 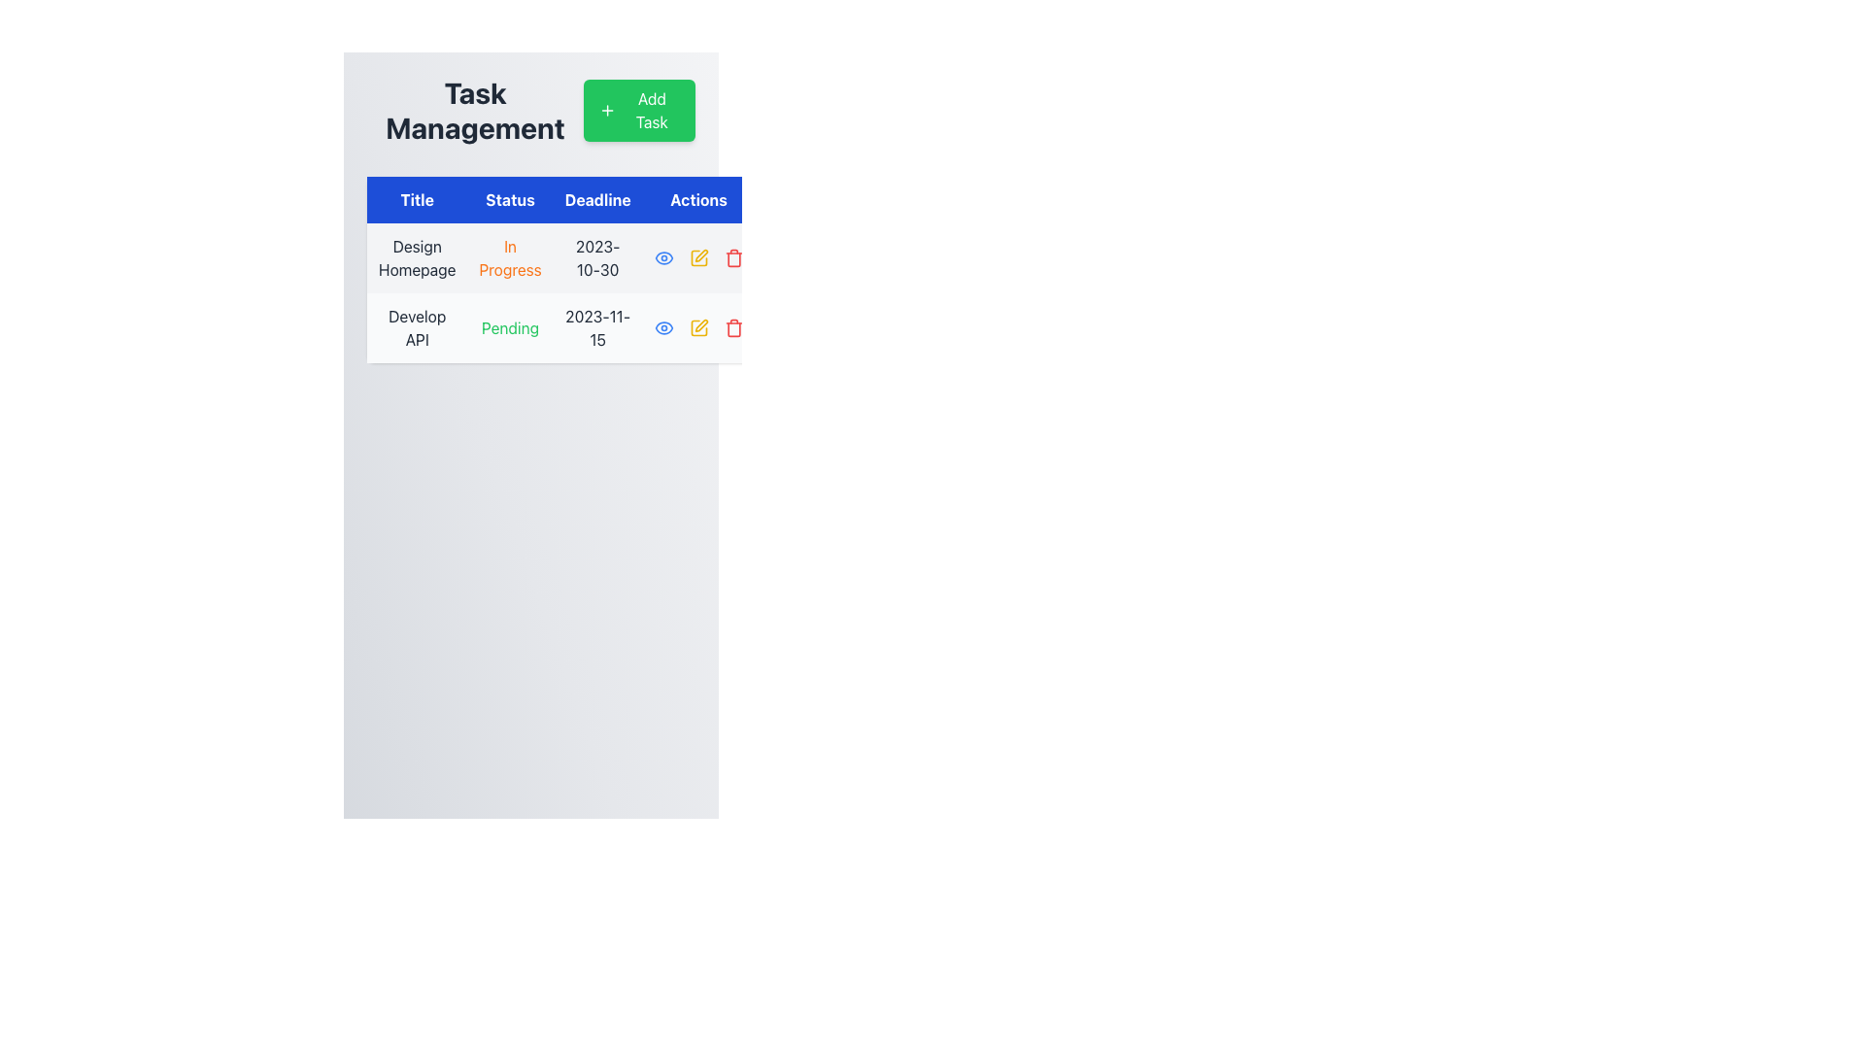 What do you see at coordinates (663, 257) in the screenshot?
I see `the blue eye-shaped icon located in the 'Actions' column of the second row of the table` at bounding box center [663, 257].